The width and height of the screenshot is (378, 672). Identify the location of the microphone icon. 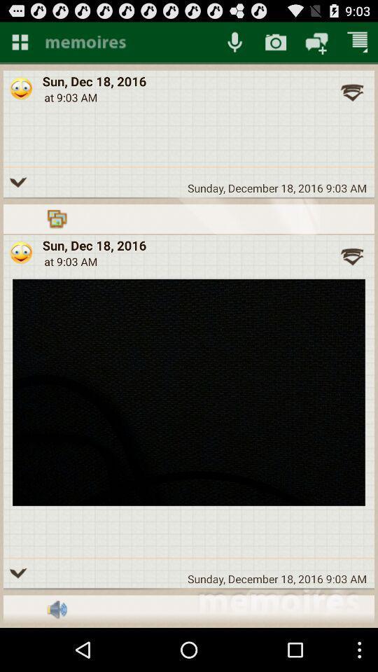
(234, 45).